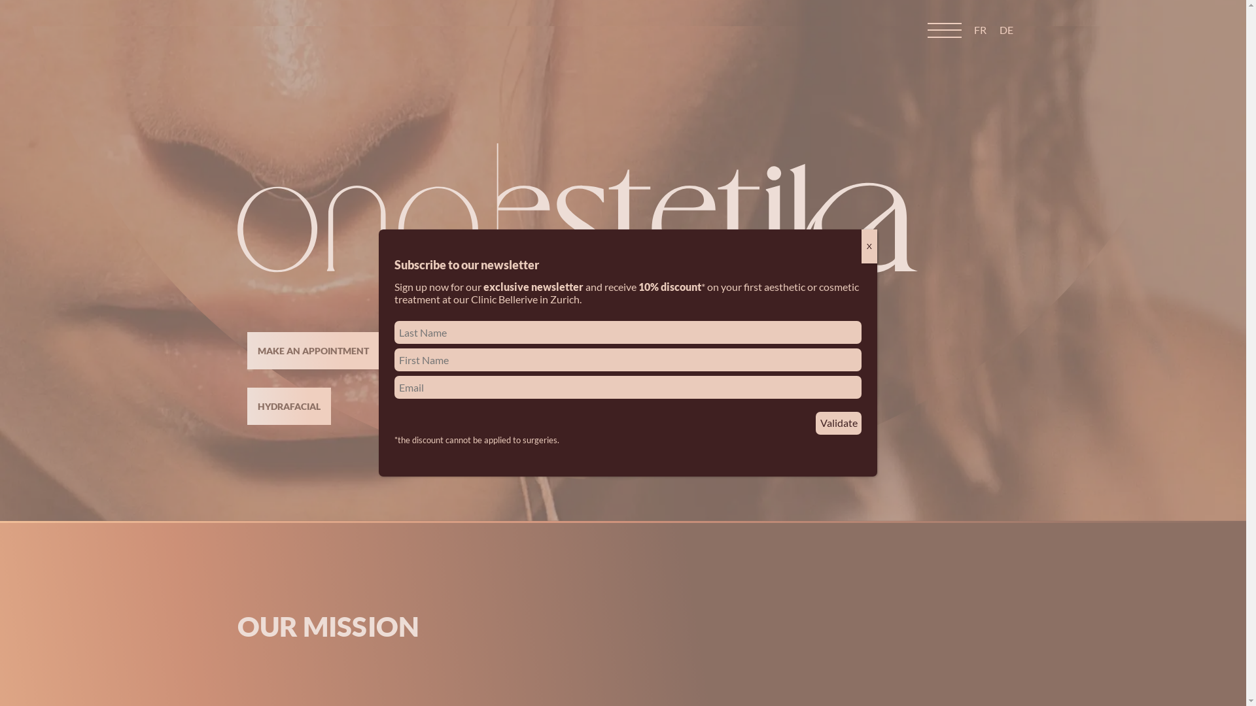 The height and width of the screenshot is (706, 1256). I want to click on 'X', so click(869, 246).